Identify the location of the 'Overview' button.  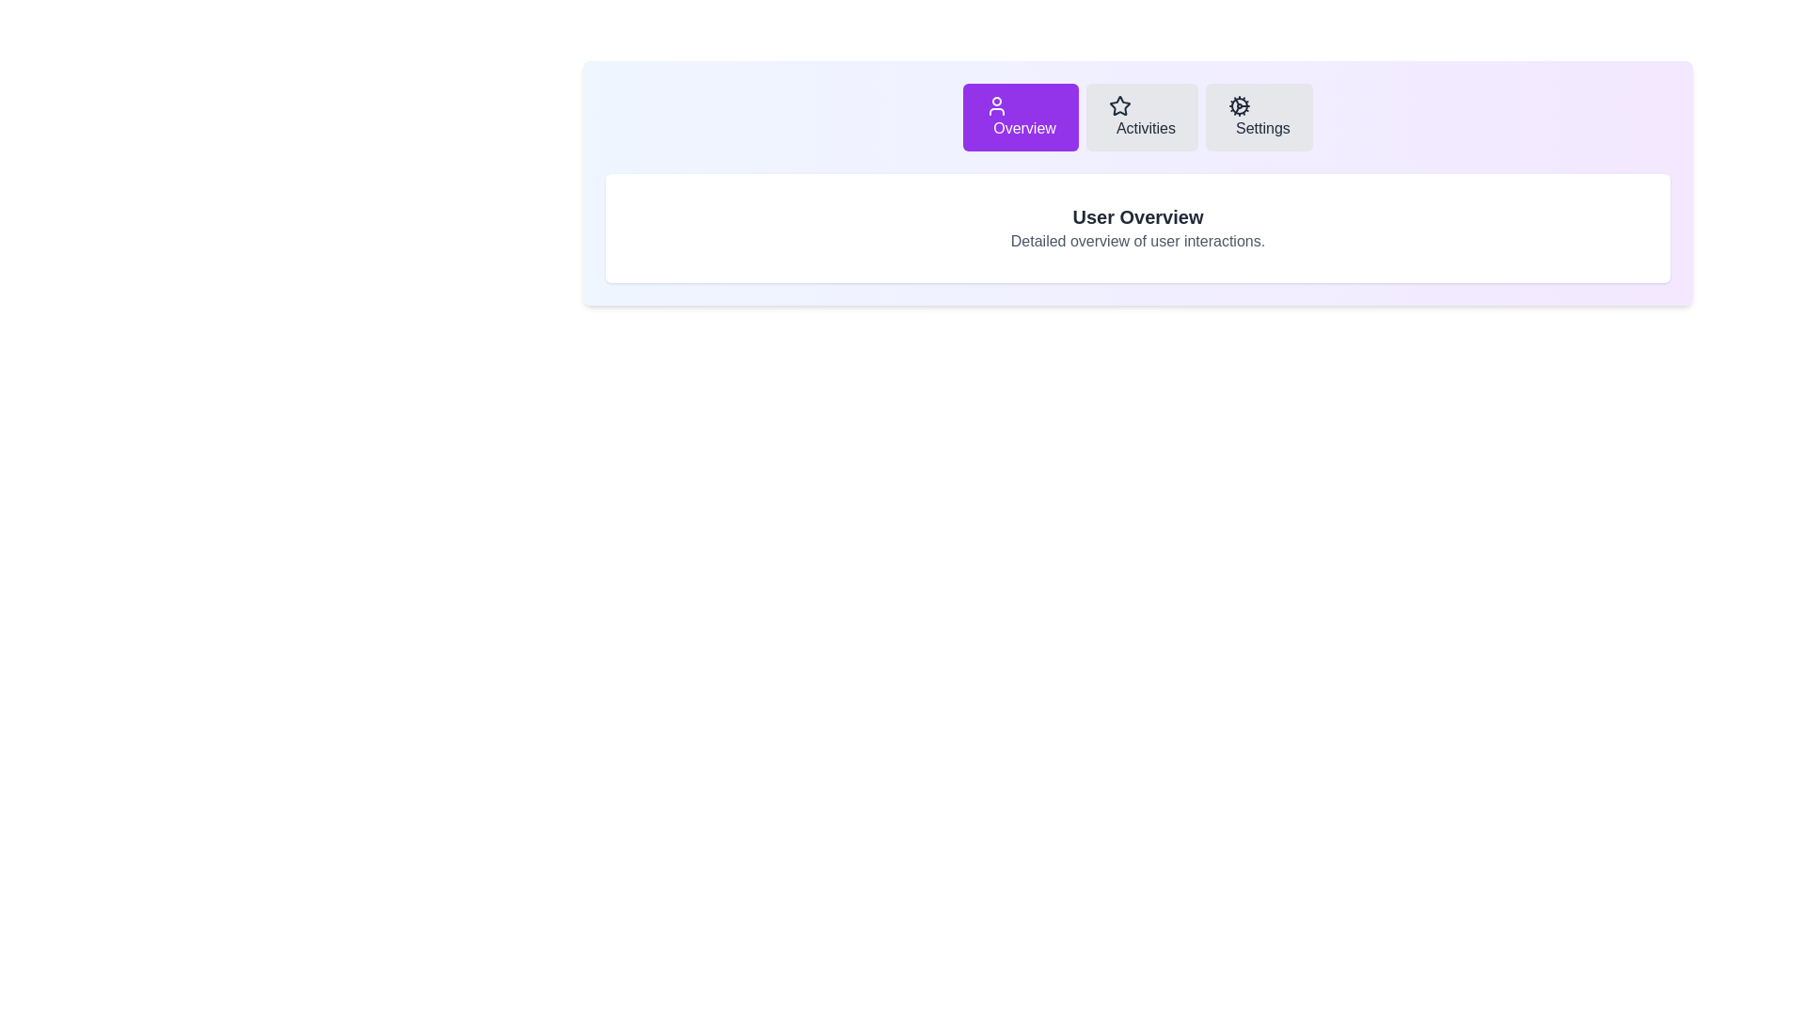
(1020, 117).